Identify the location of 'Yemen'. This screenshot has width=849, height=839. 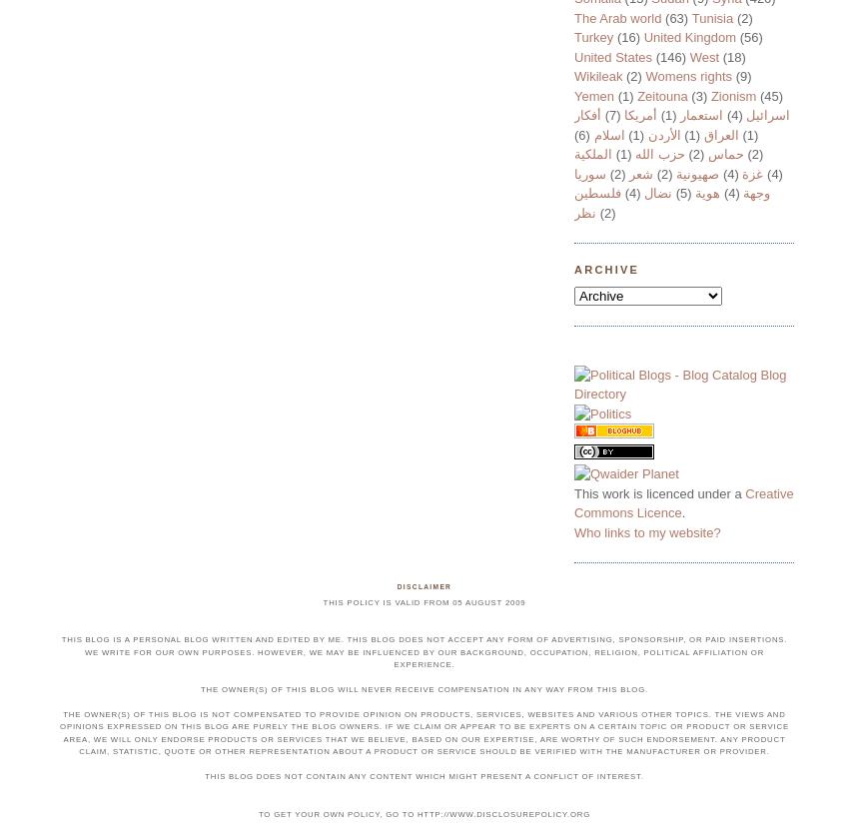
(594, 95).